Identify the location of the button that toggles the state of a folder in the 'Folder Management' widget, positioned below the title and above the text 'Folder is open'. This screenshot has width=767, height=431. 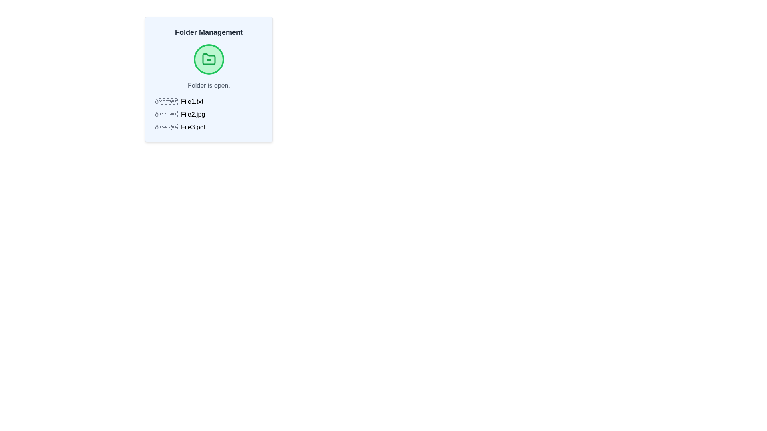
(209, 59).